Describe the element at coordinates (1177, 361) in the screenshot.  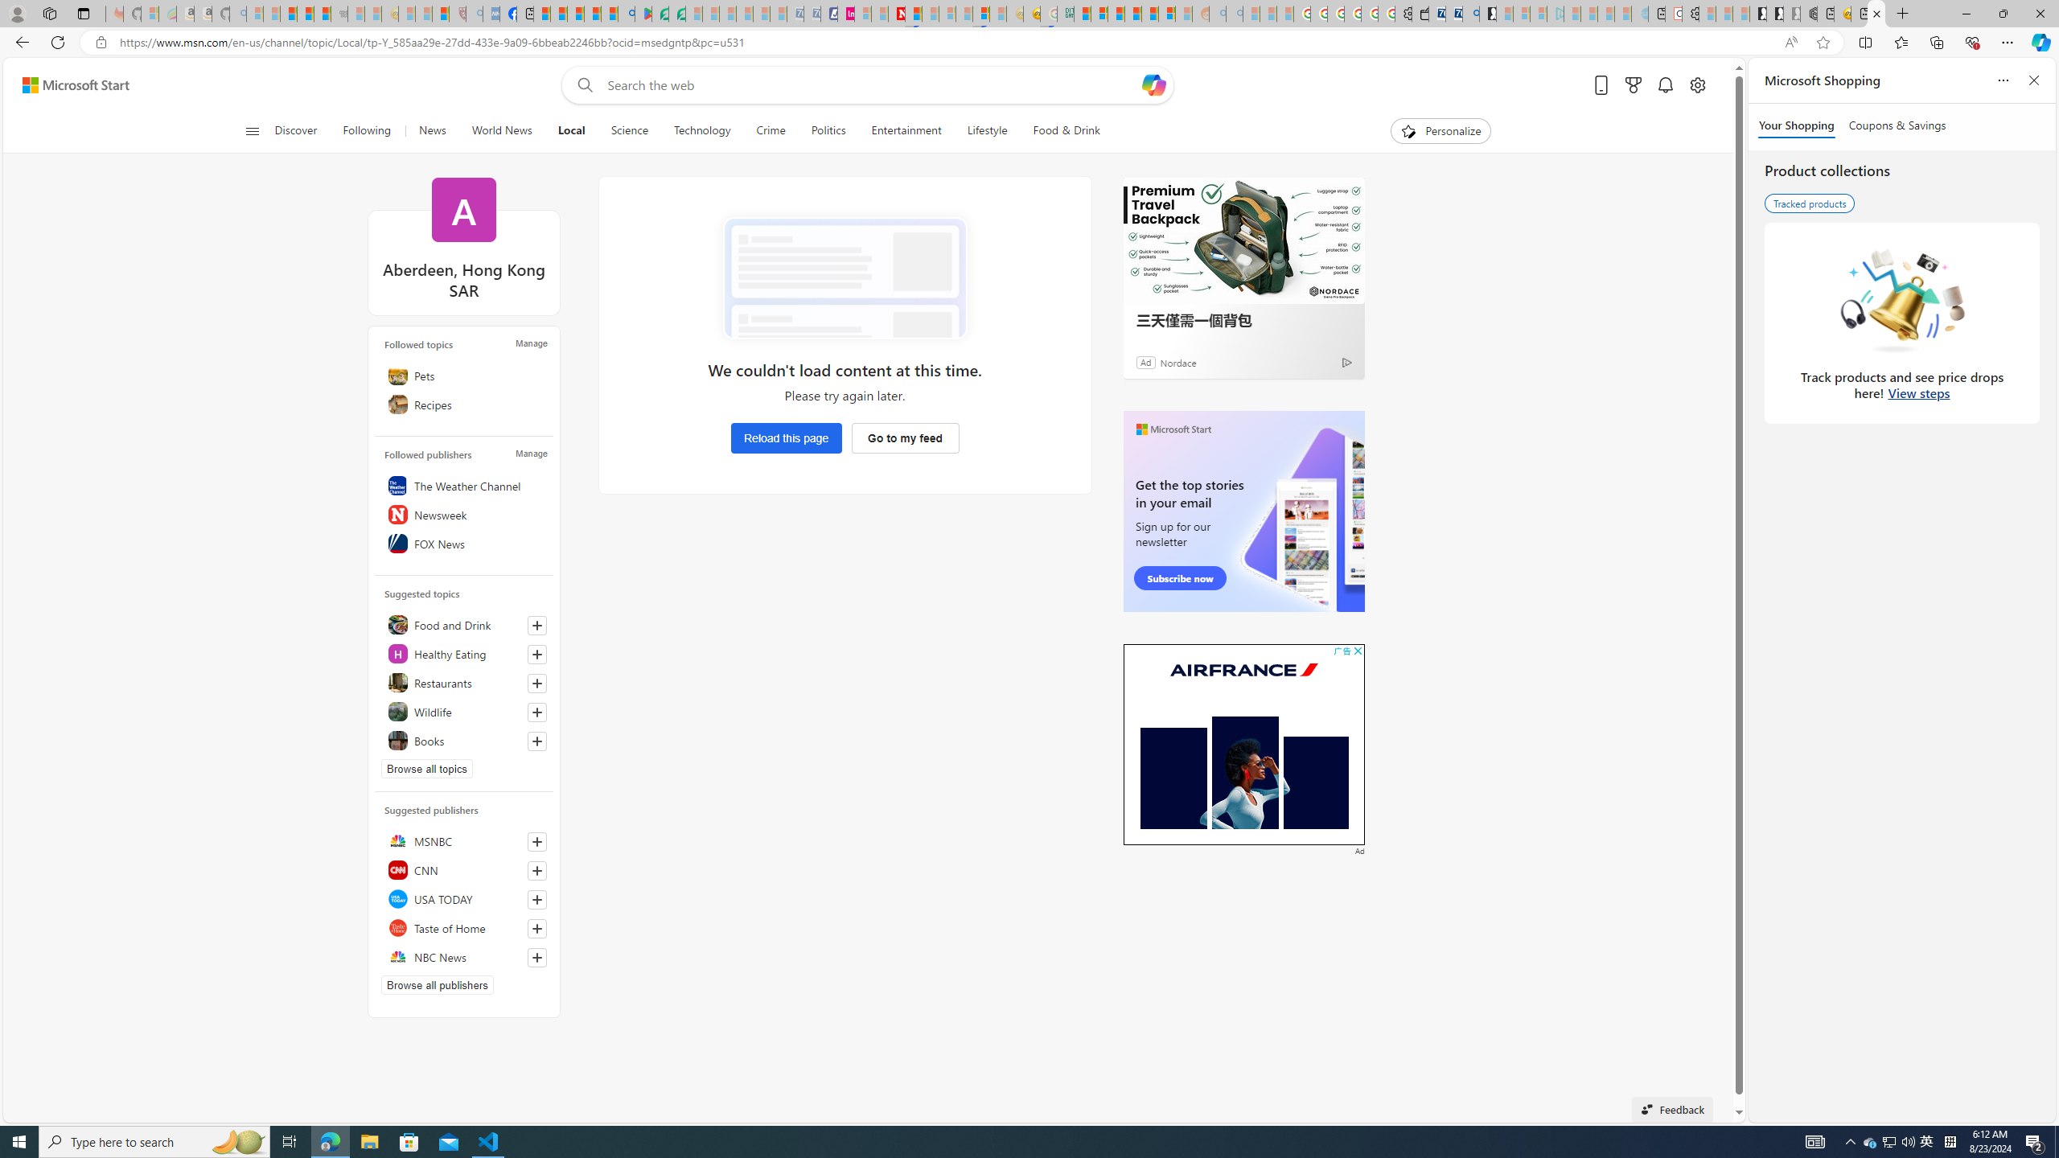
I see `'Nordace'` at that location.